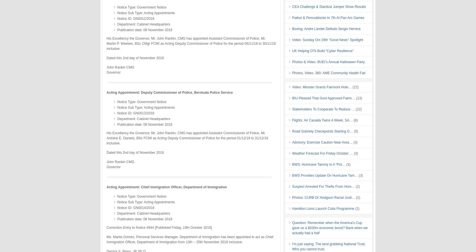  Describe the element at coordinates (329, 6) in the screenshot. I see `'CEA Challenge & Stardust Jumper Show Results'` at that location.